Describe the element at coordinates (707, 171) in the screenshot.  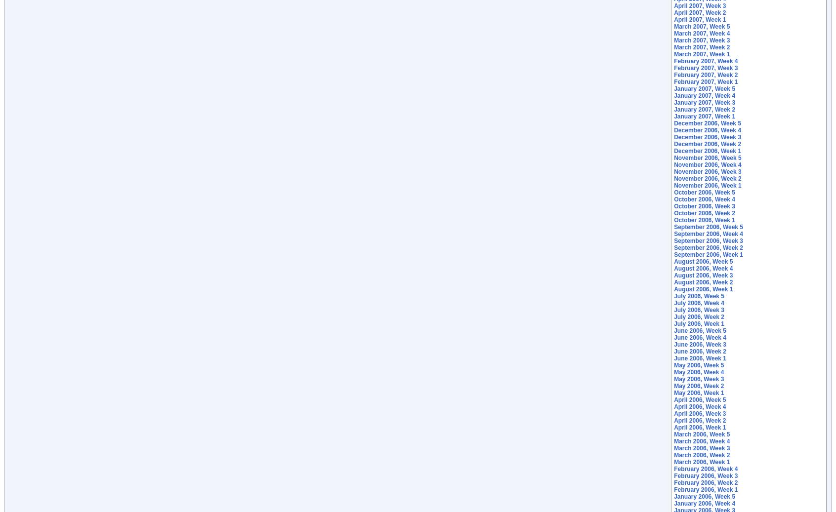
I see `'November 2006, Week 3'` at that location.